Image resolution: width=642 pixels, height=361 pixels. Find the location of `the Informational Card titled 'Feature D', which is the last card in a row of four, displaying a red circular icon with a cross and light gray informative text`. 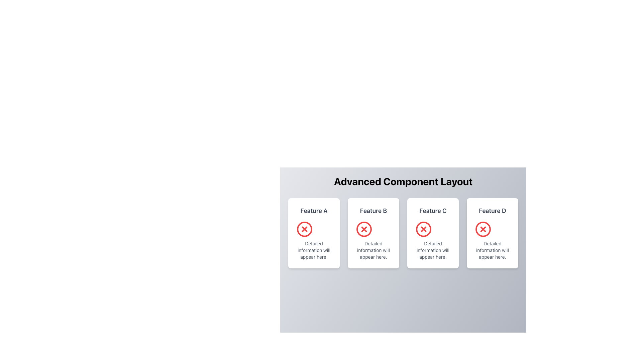

the Informational Card titled 'Feature D', which is the last card in a row of four, displaying a red circular icon with a cross and light gray informative text is located at coordinates (493, 233).